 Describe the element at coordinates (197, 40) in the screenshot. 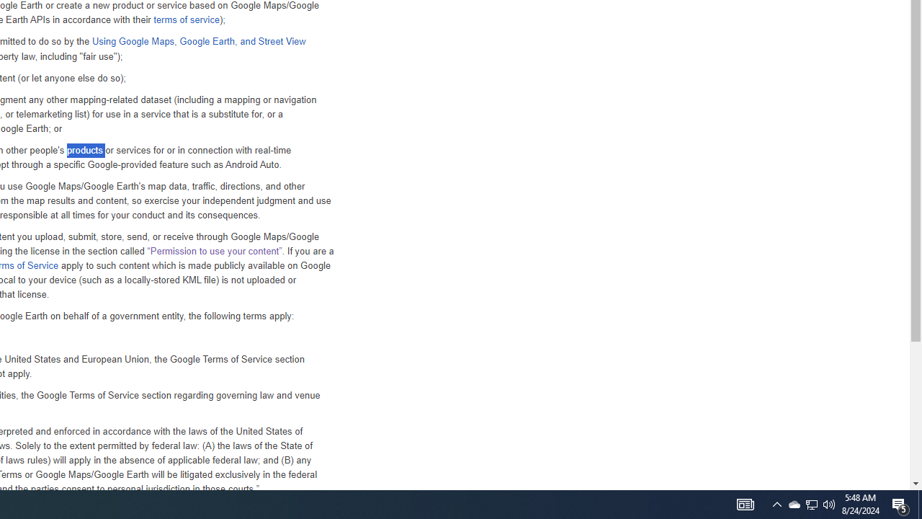

I see `'Using Google Maps, Google Earth, and Street View'` at that location.